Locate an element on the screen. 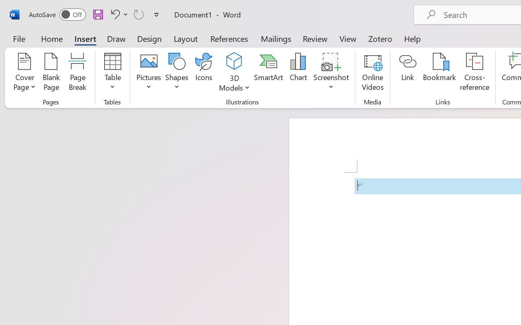 The image size is (521, 325). 'Table' is located at coordinates (112, 73).